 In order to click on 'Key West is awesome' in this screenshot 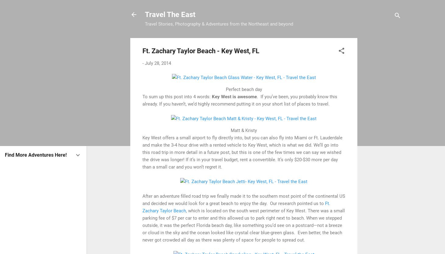, I will do `click(234, 96)`.